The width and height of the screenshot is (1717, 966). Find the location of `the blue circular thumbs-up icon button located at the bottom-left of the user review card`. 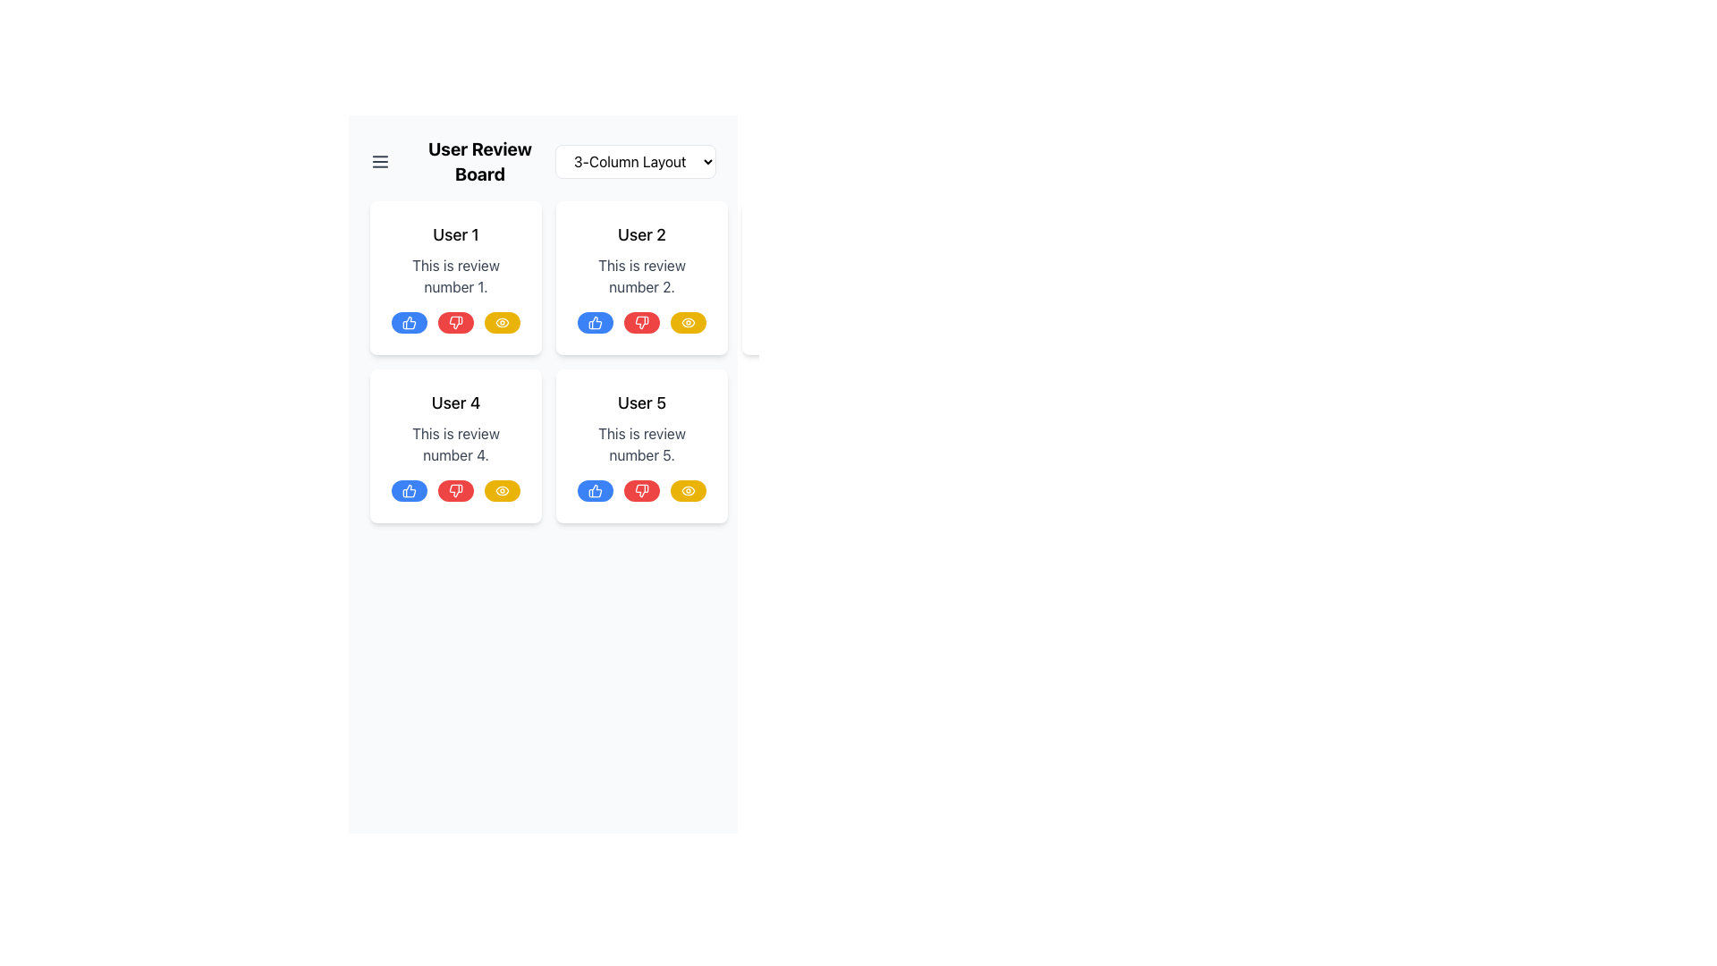

the blue circular thumbs-up icon button located at the bottom-left of the user review card is located at coordinates (596, 323).